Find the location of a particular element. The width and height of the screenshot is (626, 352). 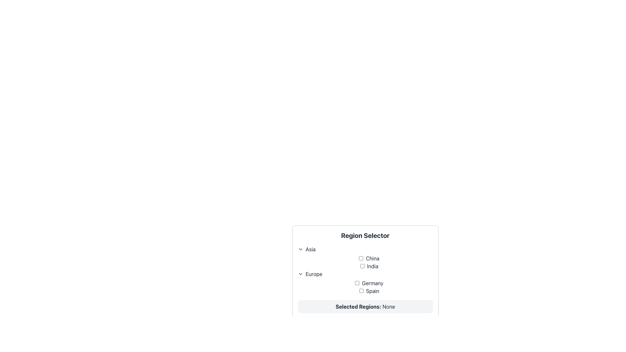

the descriptive label for the 'India' checkbox located within the 'Asia' group under 'Region Selector', positioned between 'China' and 'Europe' is located at coordinates (369, 266).